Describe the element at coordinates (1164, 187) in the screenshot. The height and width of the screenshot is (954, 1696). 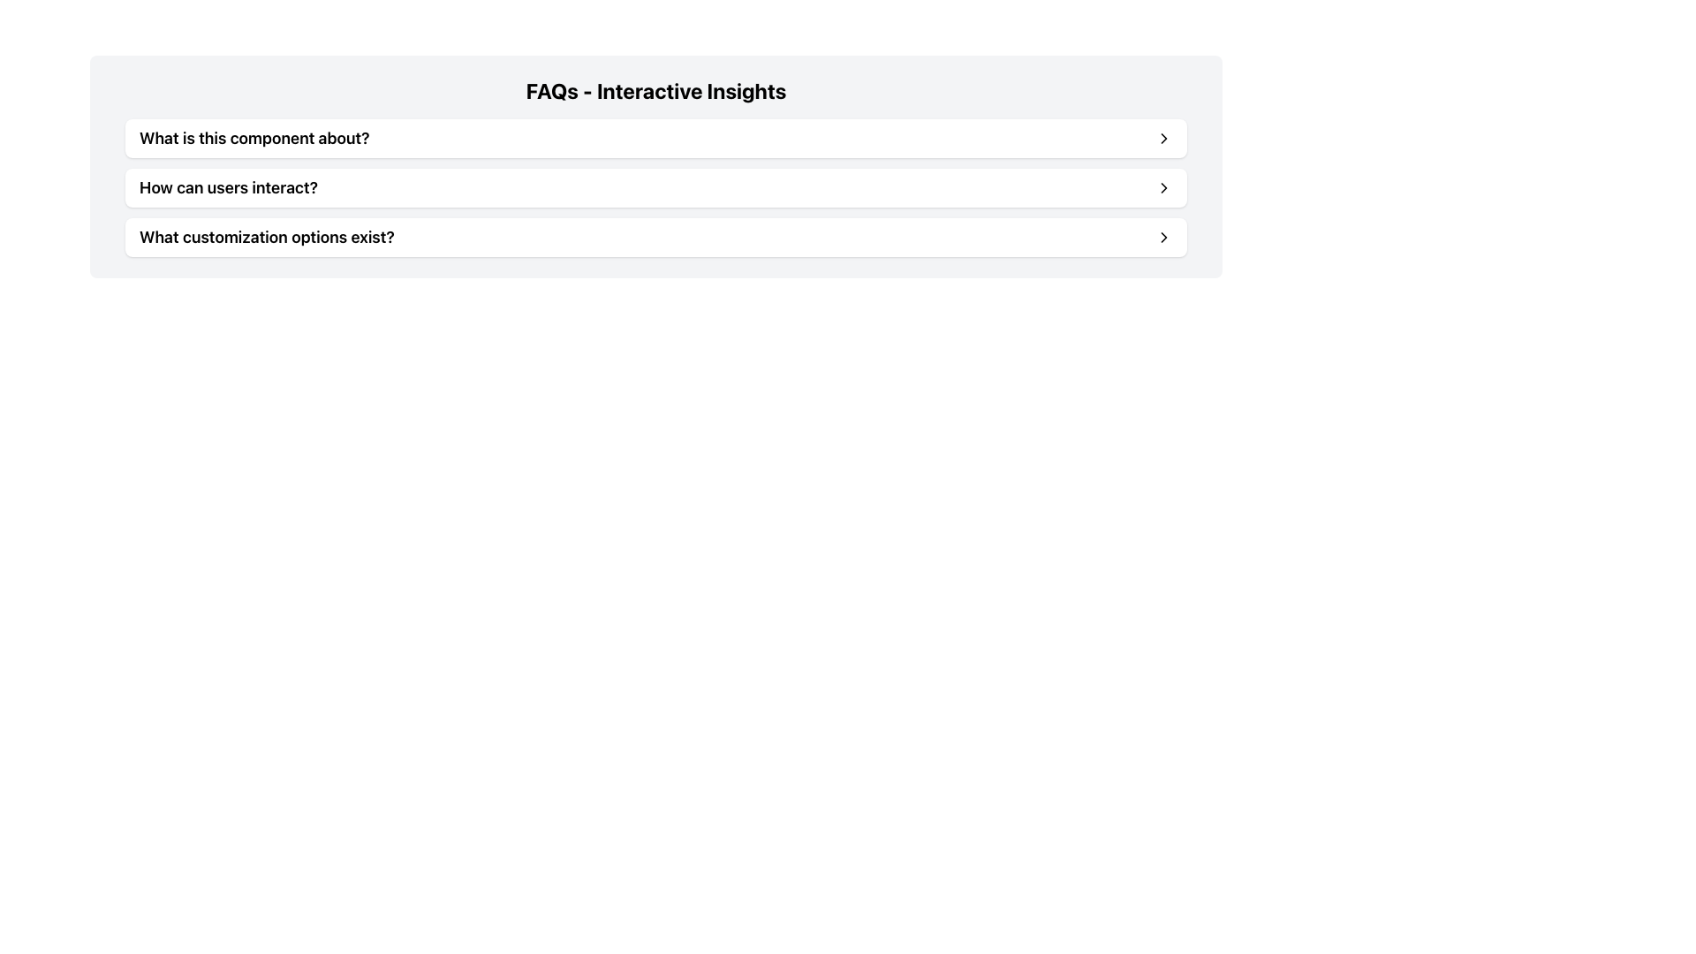
I see `the chevron SVG icon located on the right side of the button labeled 'How can users interact?'` at that location.